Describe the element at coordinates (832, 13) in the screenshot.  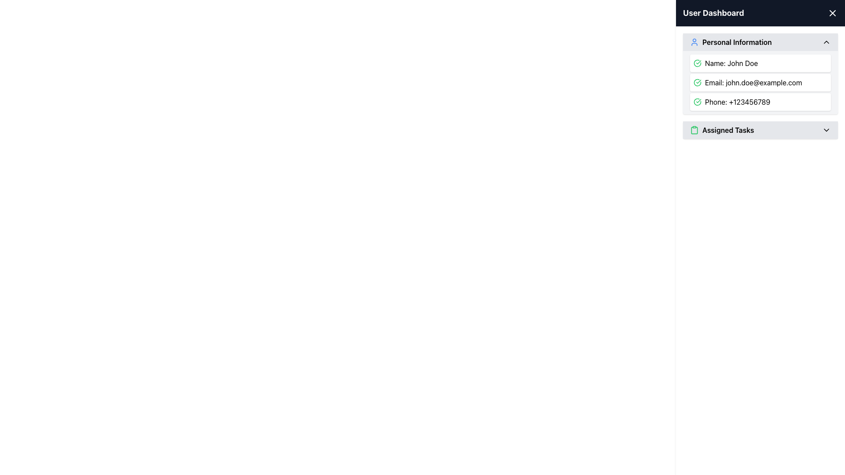
I see `the close button located at the top right corner of the 'User Dashboard' header` at that location.